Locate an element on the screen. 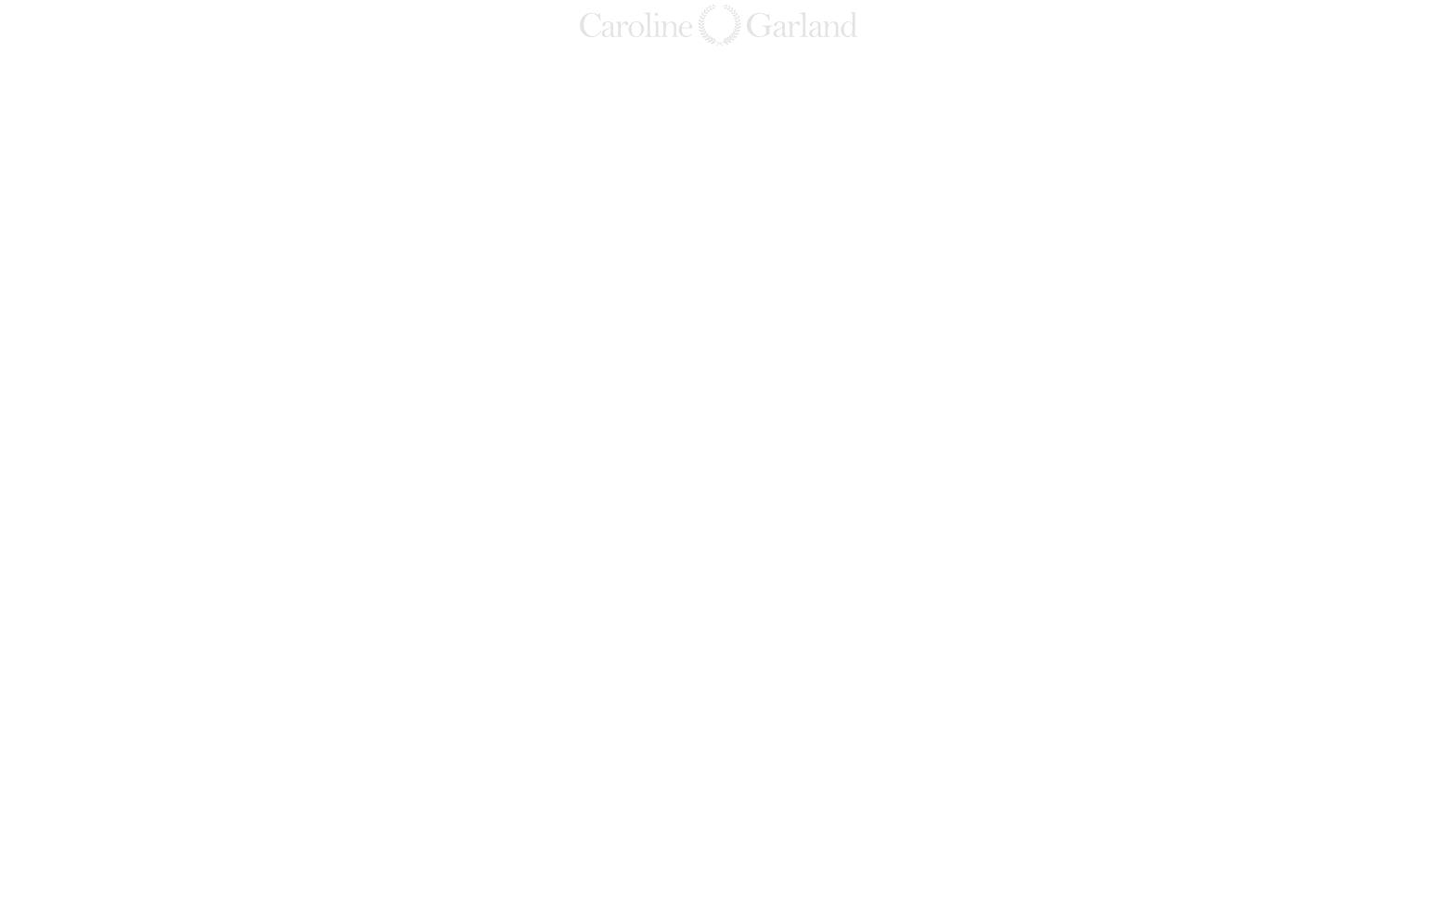 The width and height of the screenshot is (1438, 903). 'esteroides-king' is located at coordinates (1136, 870).